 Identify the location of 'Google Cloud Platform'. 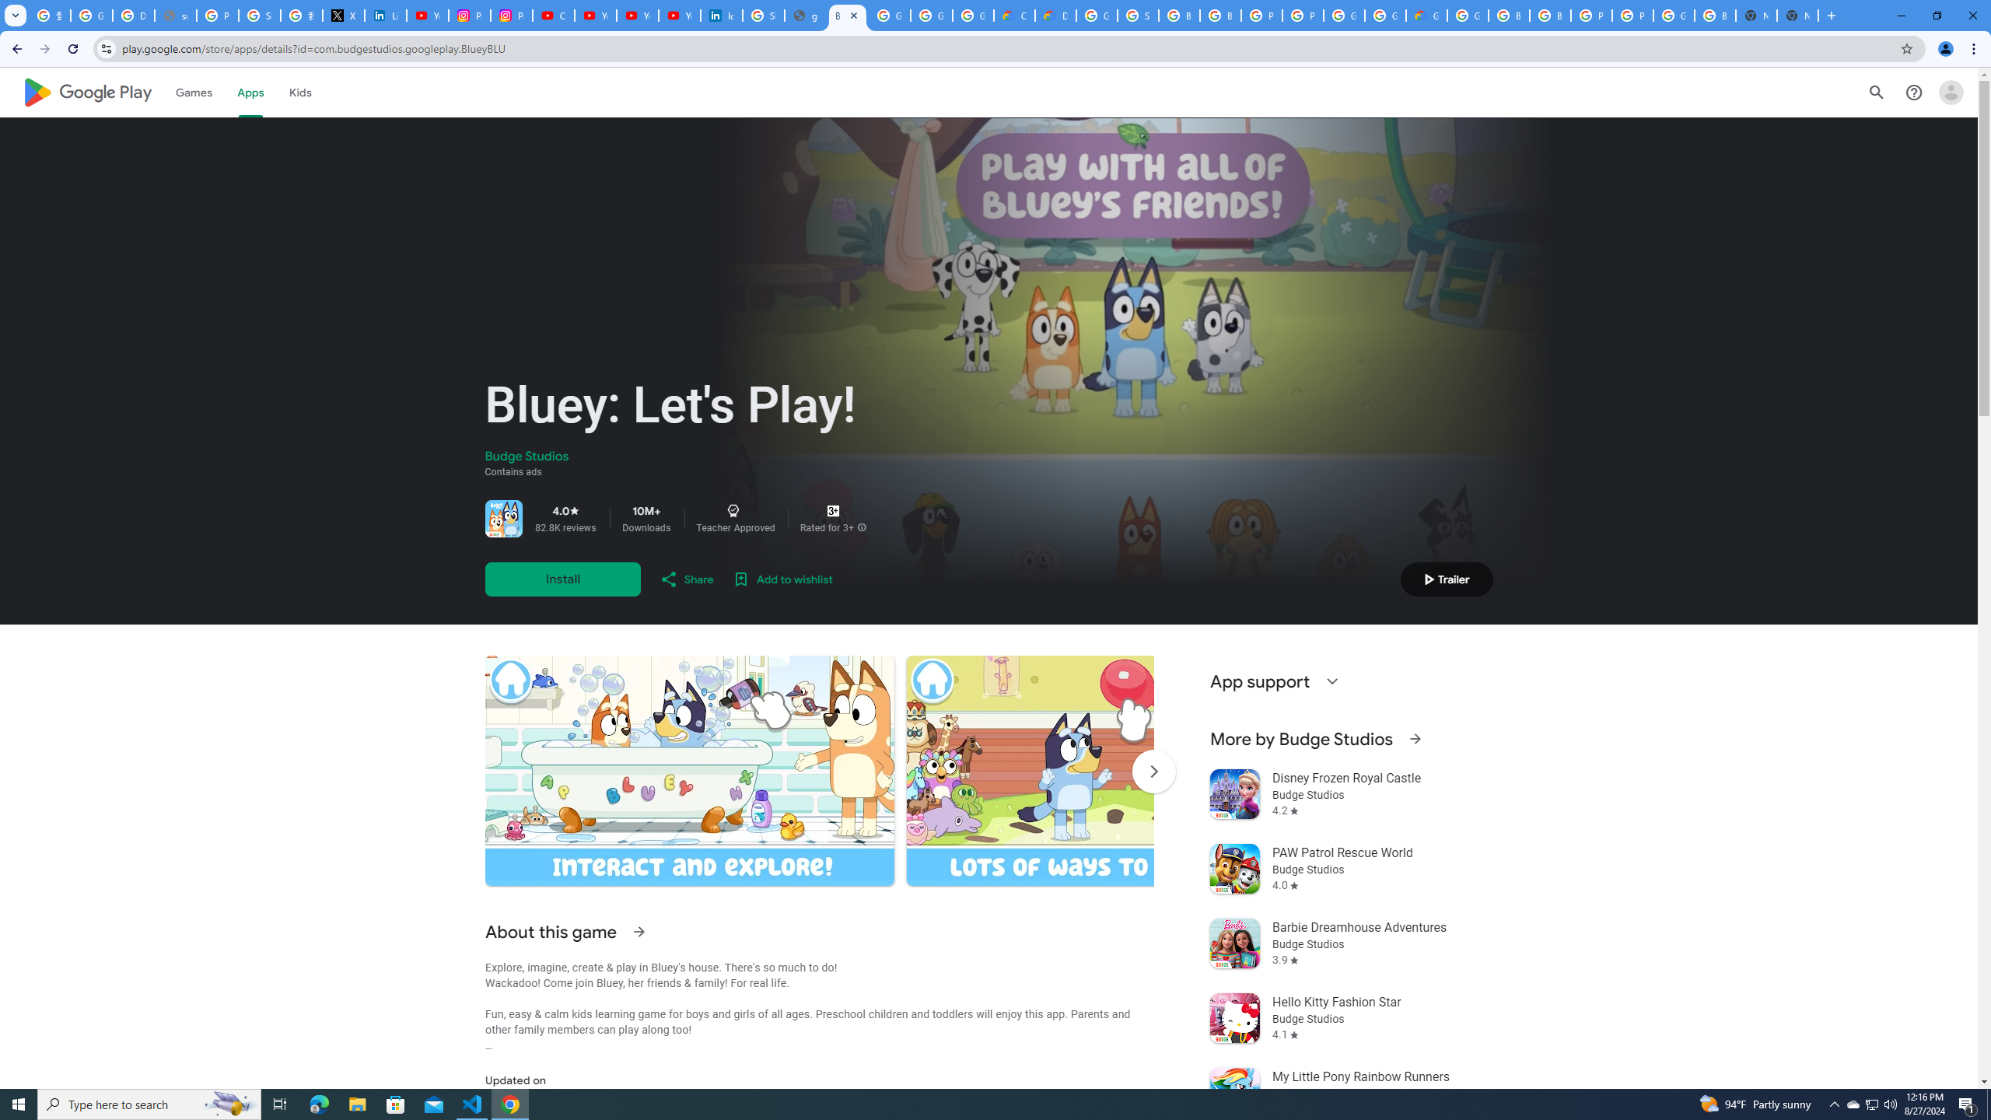
(1385, 15).